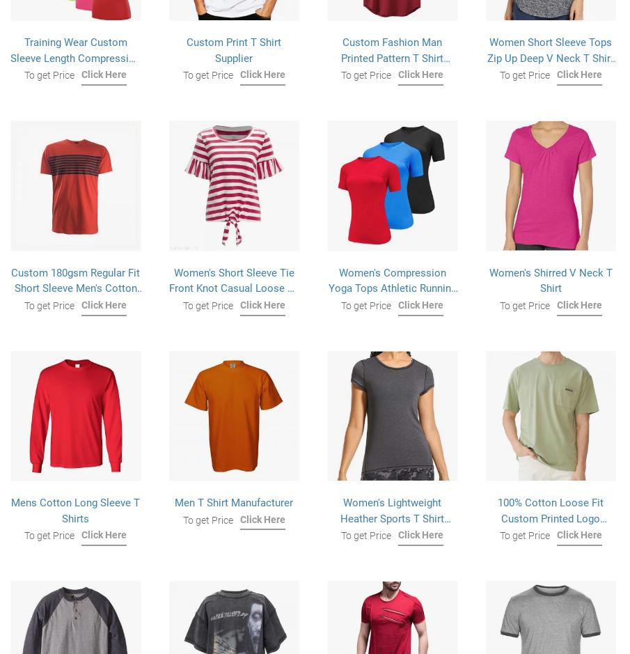 Image resolution: width=630 pixels, height=654 pixels. Describe the element at coordinates (74, 510) in the screenshot. I see `'Mens Cotton Long Sleeve T Shirts'` at that location.